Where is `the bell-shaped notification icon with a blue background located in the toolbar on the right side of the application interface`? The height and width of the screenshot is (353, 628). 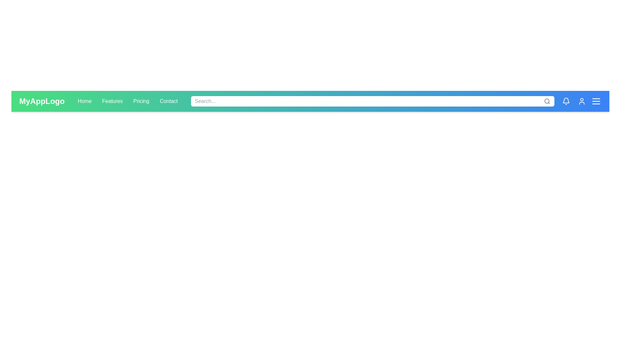
the bell-shaped notification icon with a blue background located in the toolbar on the right side of the application interface is located at coordinates (566, 100).